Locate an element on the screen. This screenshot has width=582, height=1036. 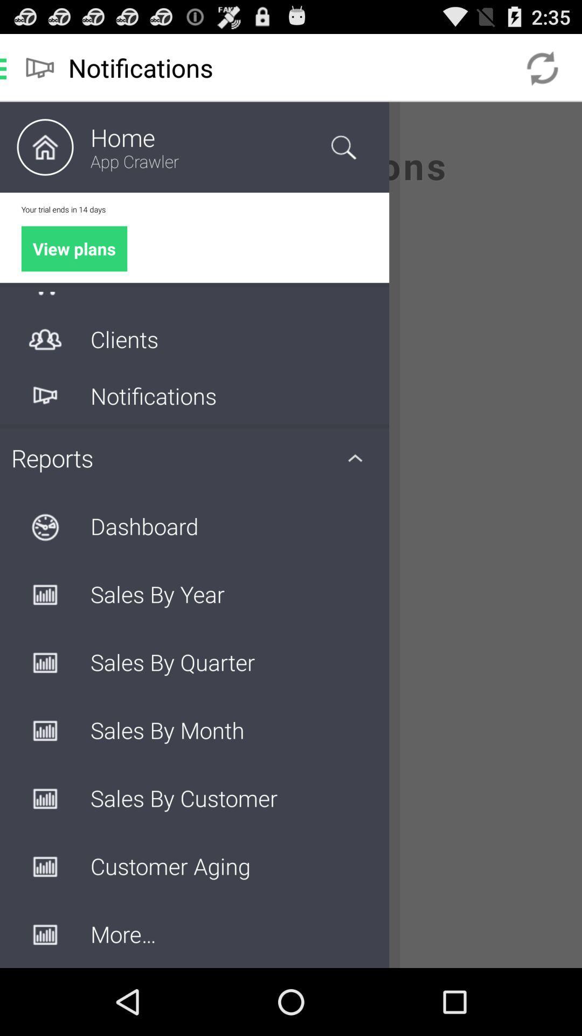
the home icon is located at coordinates (45, 157).